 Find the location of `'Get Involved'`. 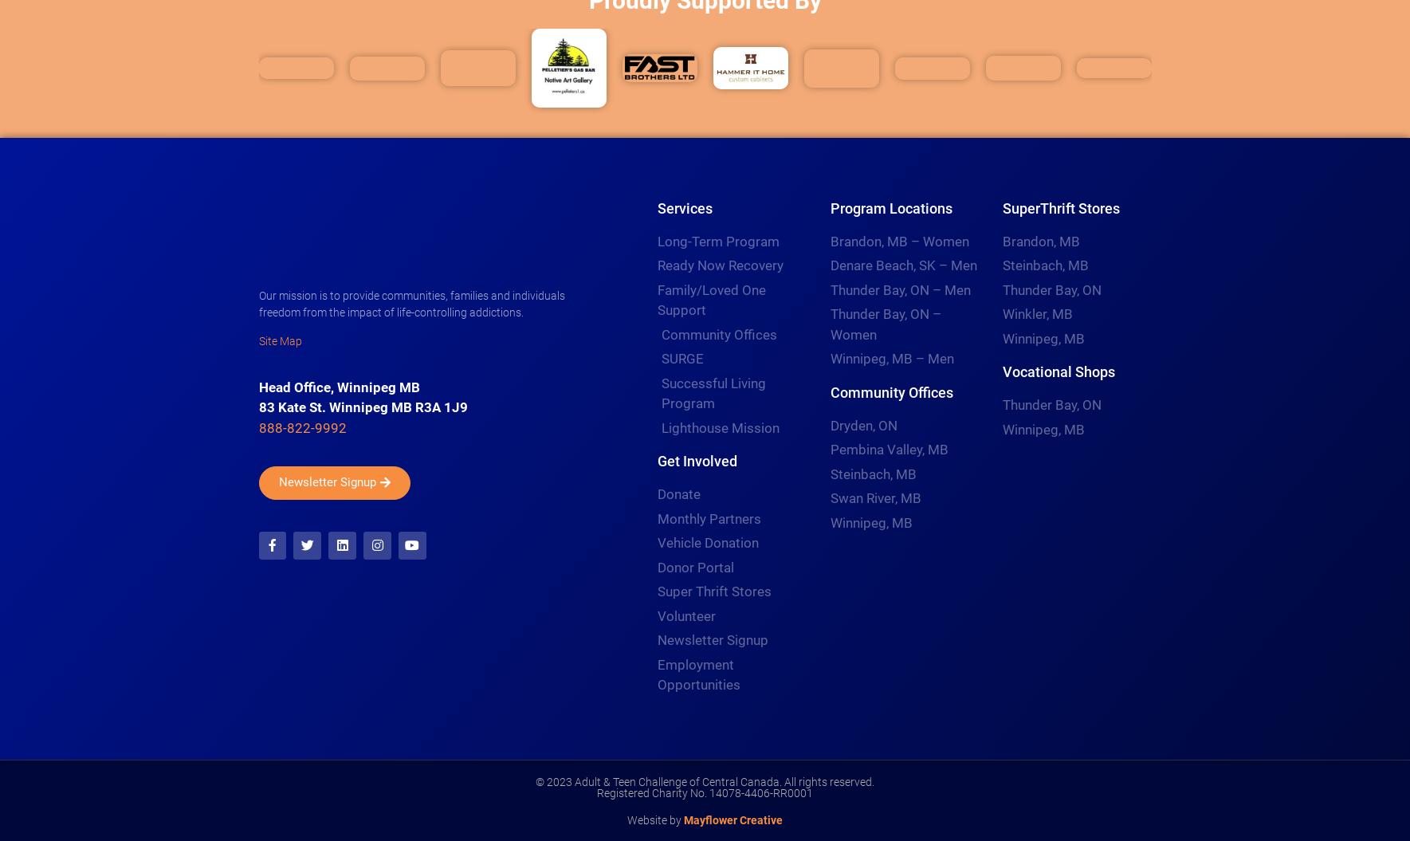

'Get Involved' is located at coordinates (696, 460).